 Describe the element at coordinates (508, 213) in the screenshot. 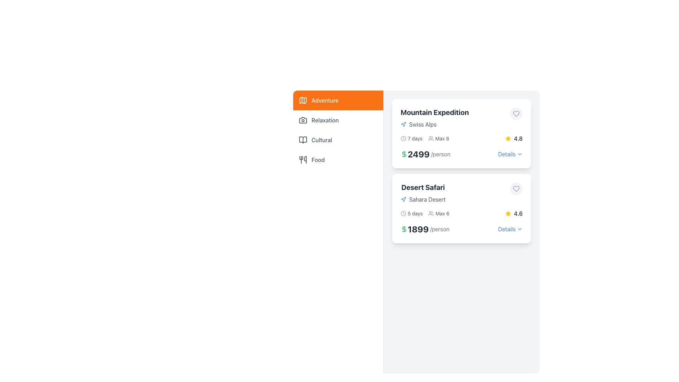

I see `the yellow star icon, which represents a rating and is located on the right side of the interface within a card for a desert safari, positioned to the left of a numerical rating value` at that location.